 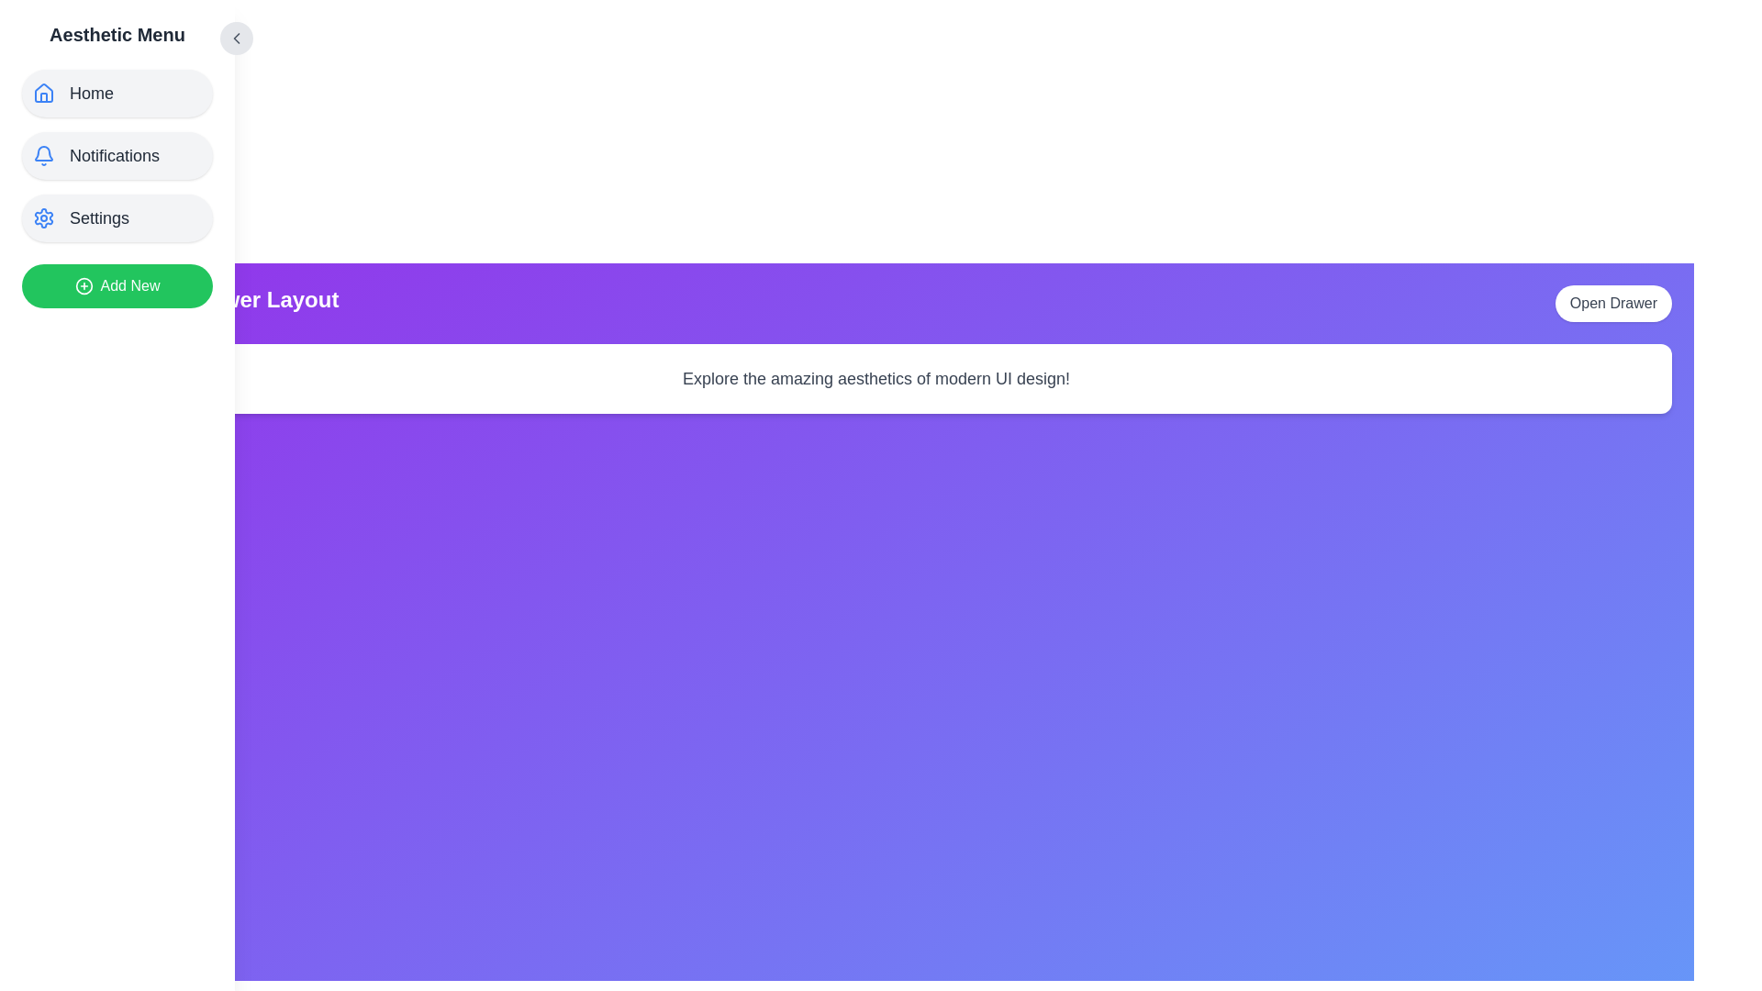 What do you see at coordinates (117, 275) in the screenshot?
I see `the green 'Add New' button with a plus icon located in the 'Aesthetic Menu' panel to observe any visual feedback` at bounding box center [117, 275].